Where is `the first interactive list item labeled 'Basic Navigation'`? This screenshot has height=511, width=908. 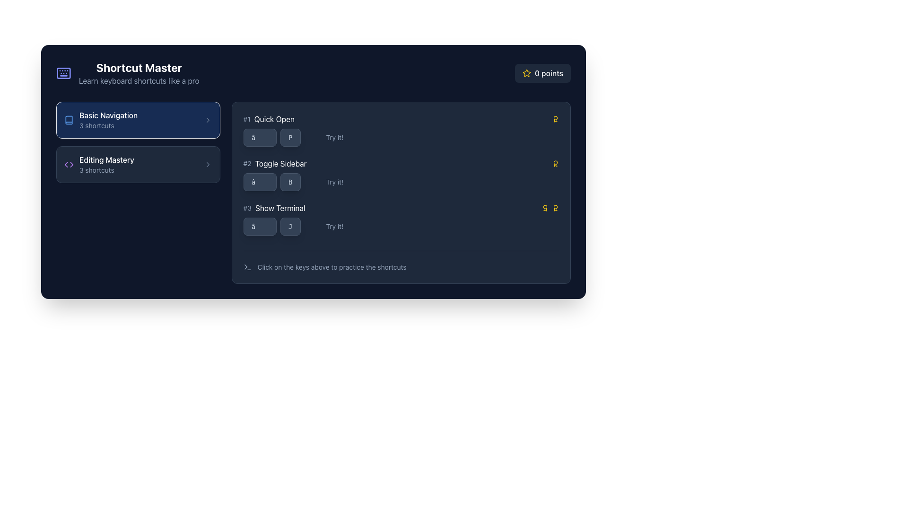
the first interactive list item labeled 'Basic Navigation' is located at coordinates (138, 120).